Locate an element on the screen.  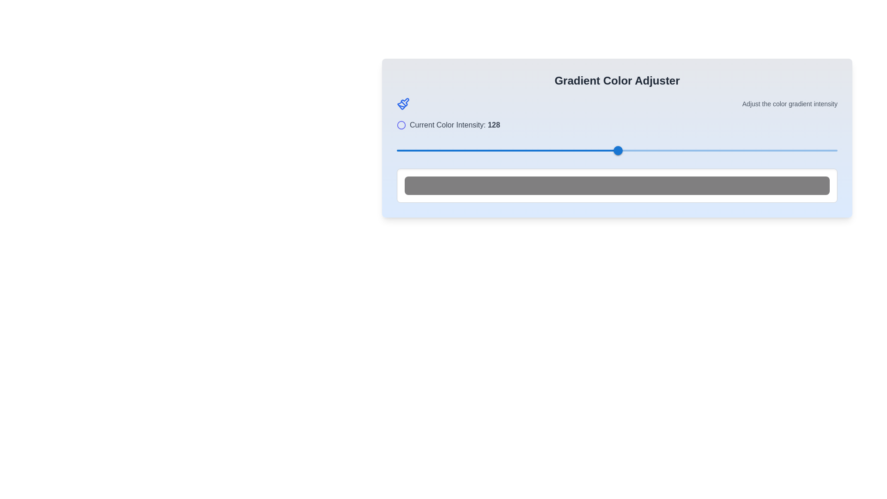
the gradient color intensity is located at coordinates (746, 150).